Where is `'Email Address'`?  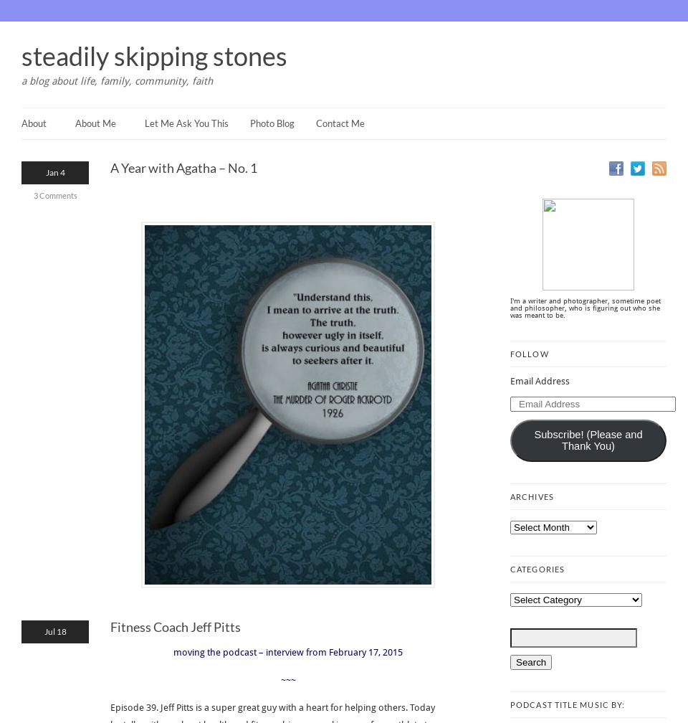 'Email Address' is located at coordinates (539, 381).